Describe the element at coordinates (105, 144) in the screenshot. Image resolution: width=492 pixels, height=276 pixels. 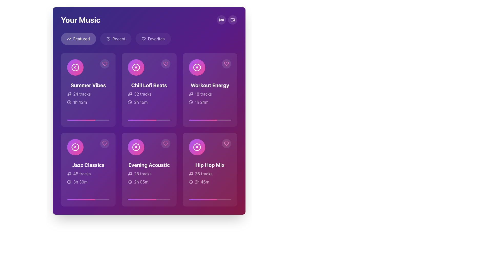
I see `the circular heart icon button located in the top-right corner of the 'Jazz Classics' card` at that location.